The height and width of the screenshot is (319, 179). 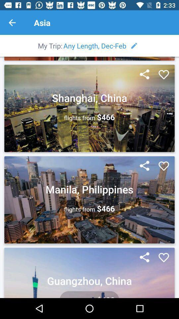 What do you see at coordinates (144, 257) in the screenshot?
I see `share` at bounding box center [144, 257].